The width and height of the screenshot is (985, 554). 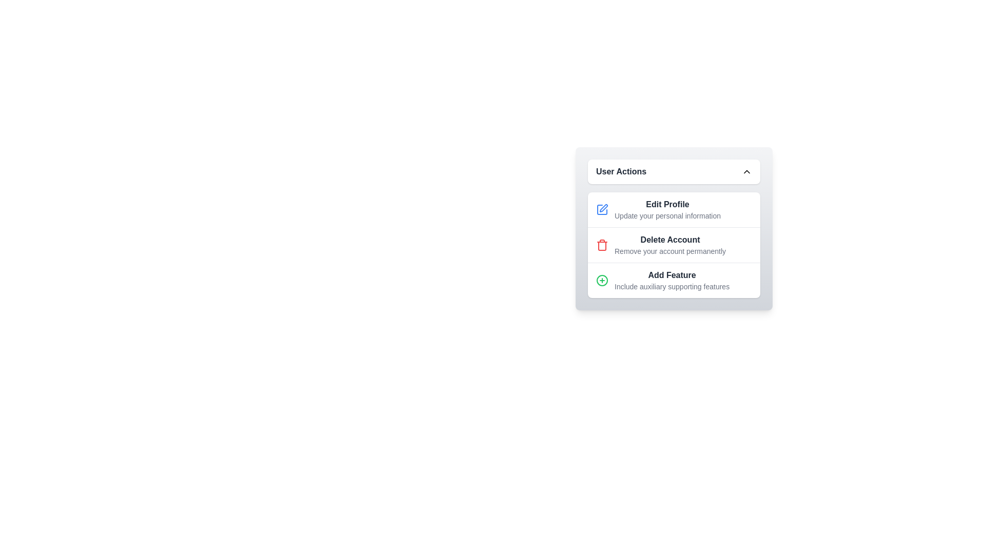 What do you see at coordinates (670, 240) in the screenshot?
I see `the interactive element associated with the descriptive text label located at the center of the modal labeled 'User Actions'` at bounding box center [670, 240].